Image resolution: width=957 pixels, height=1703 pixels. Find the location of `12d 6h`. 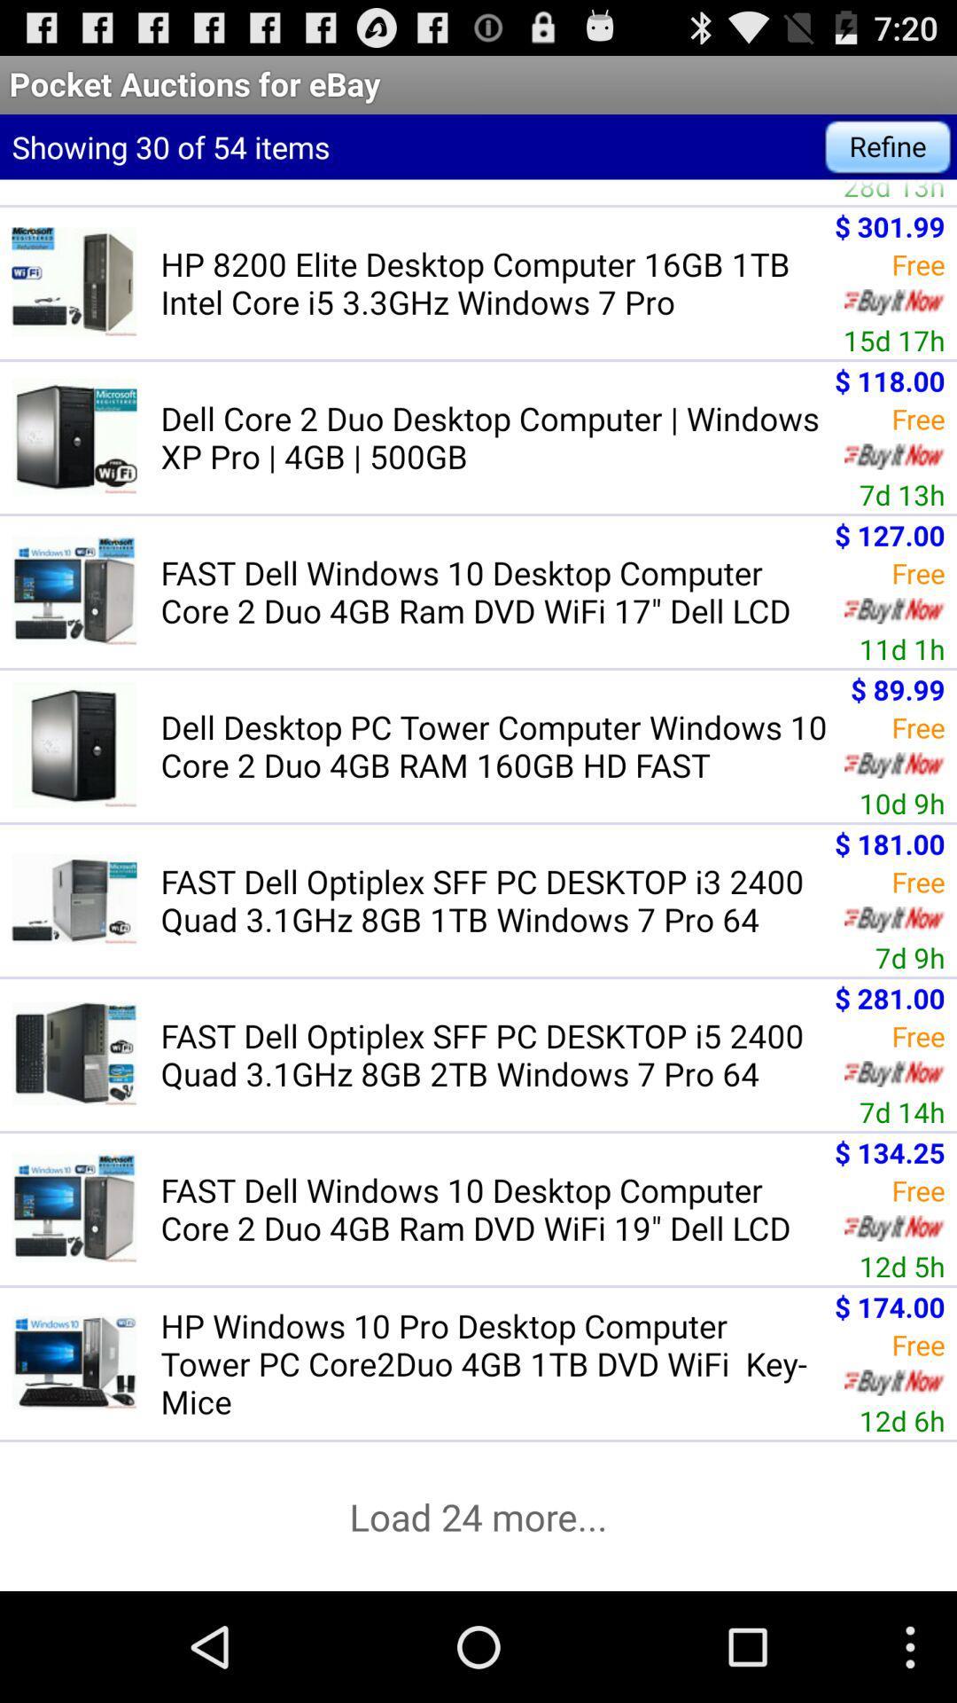

12d 6h is located at coordinates (902, 1420).